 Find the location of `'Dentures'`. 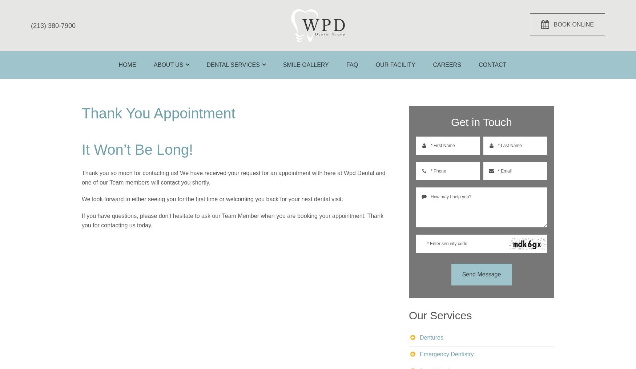

'Dentures' is located at coordinates (431, 337).